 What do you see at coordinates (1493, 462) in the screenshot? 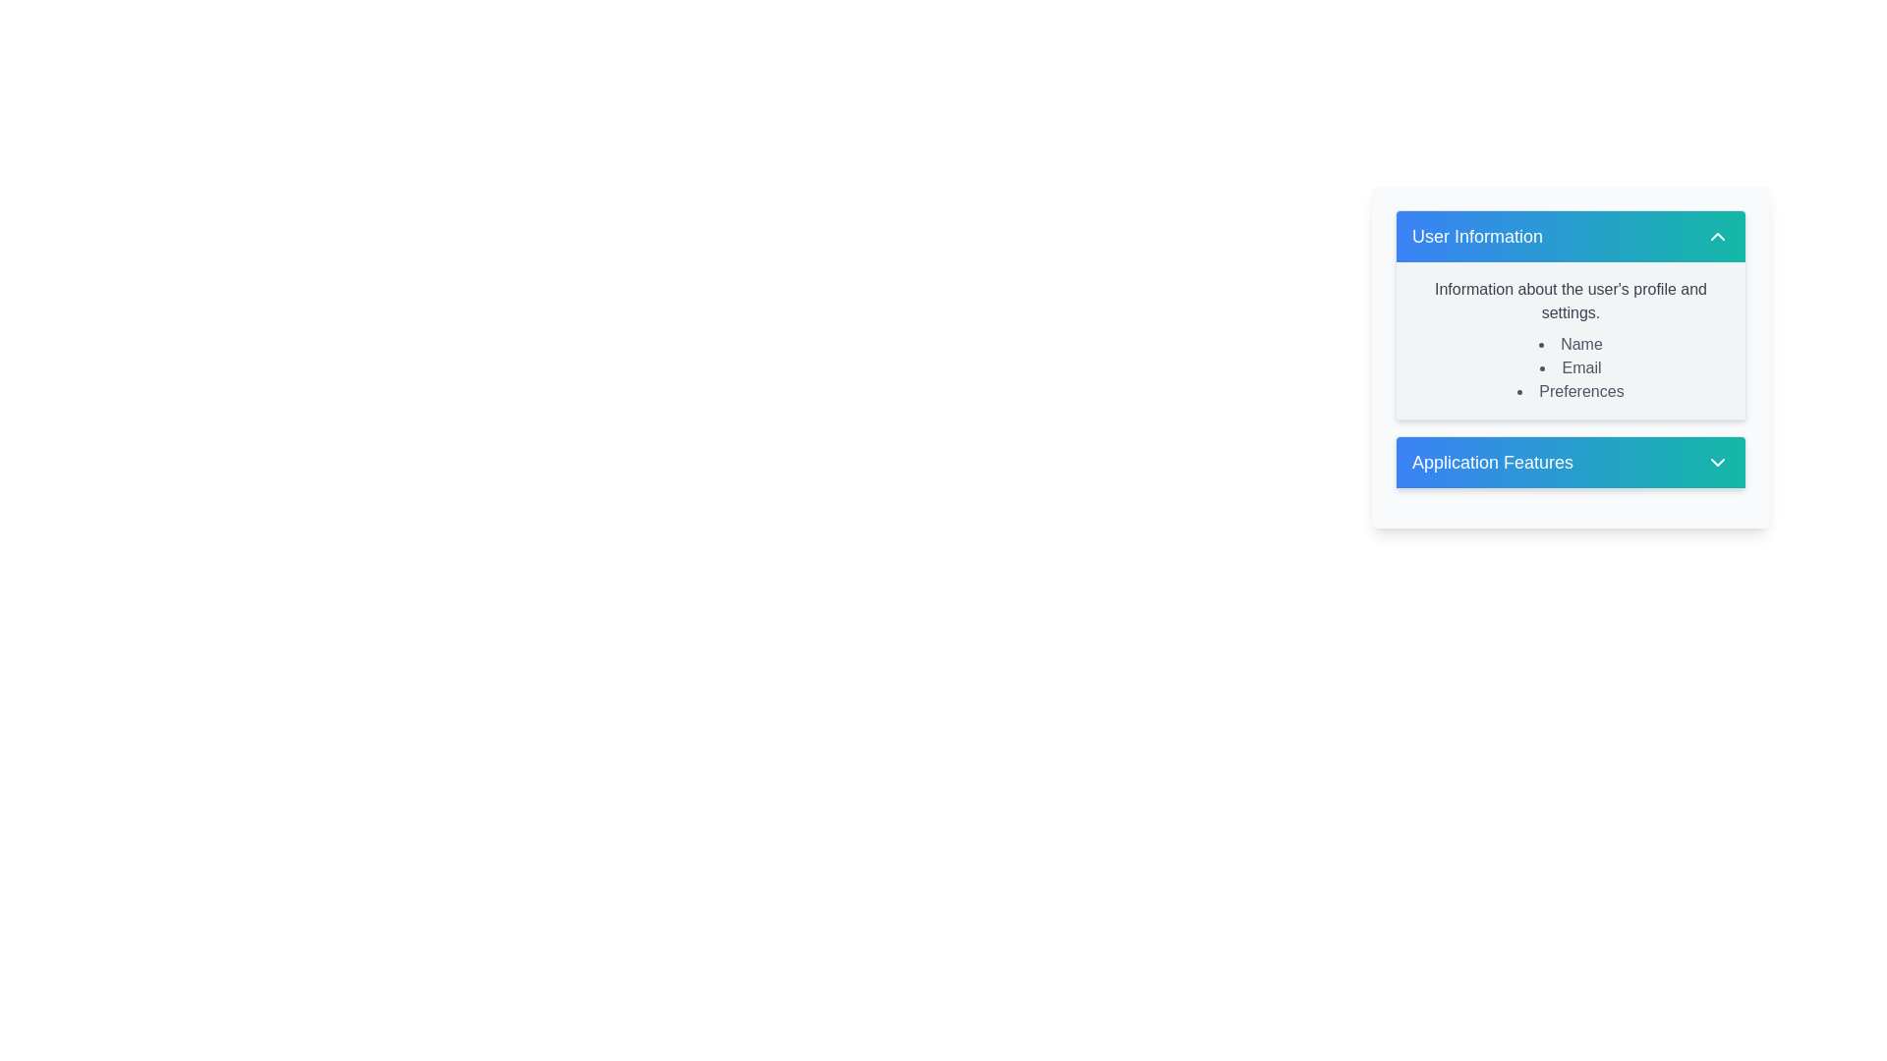
I see `the 'Application Features' section title label by moving the cursor to its center point` at bounding box center [1493, 462].